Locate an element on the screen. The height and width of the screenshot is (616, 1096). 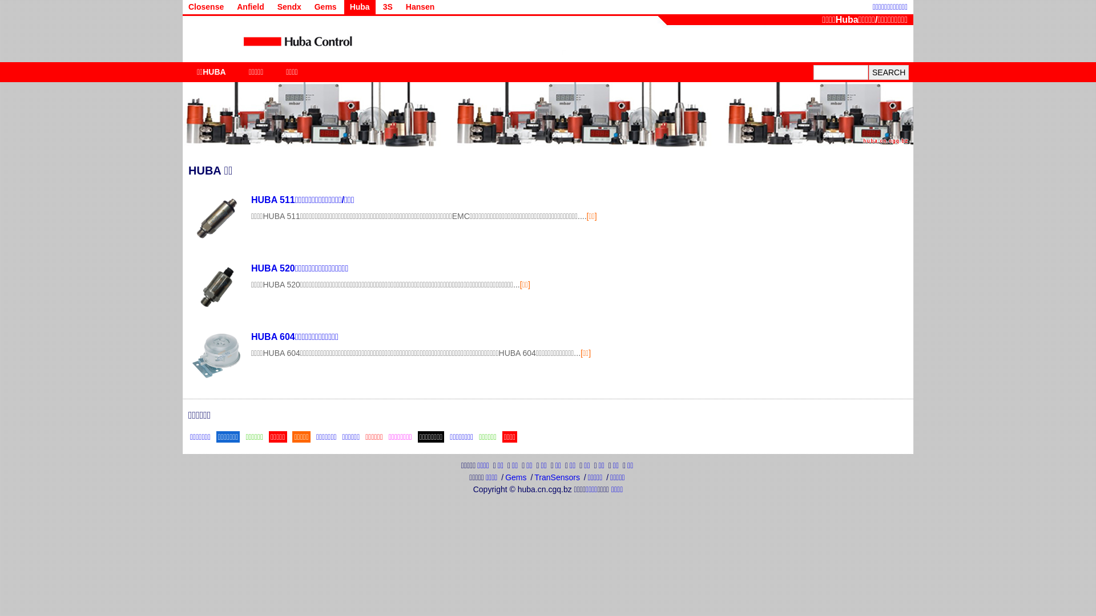
'Gems' is located at coordinates (504, 477).